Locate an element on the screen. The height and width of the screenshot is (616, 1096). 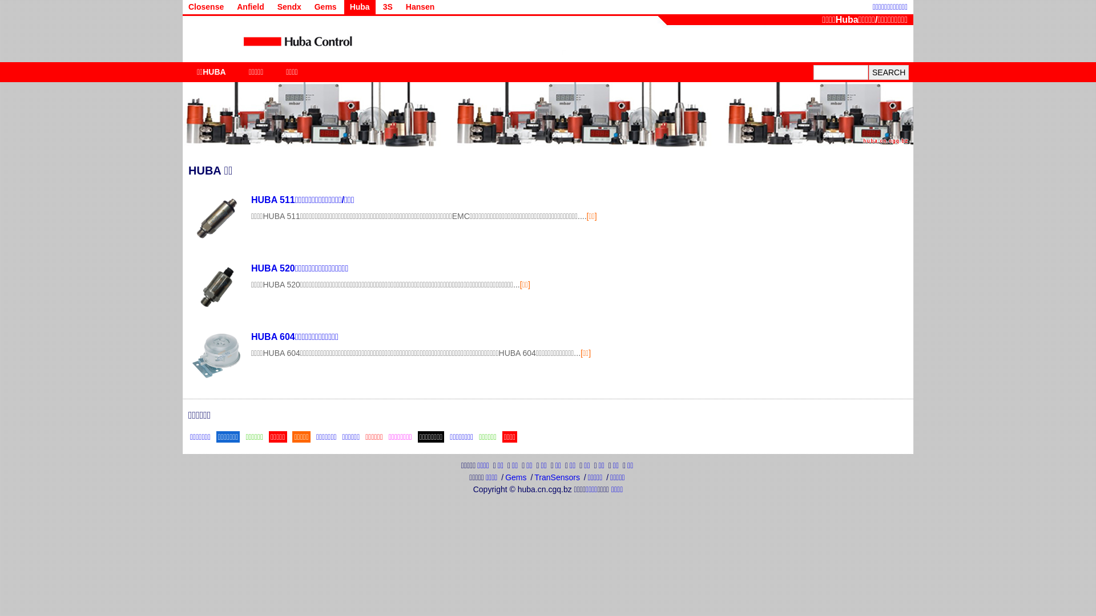
'Gems' is located at coordinates (504, 477).